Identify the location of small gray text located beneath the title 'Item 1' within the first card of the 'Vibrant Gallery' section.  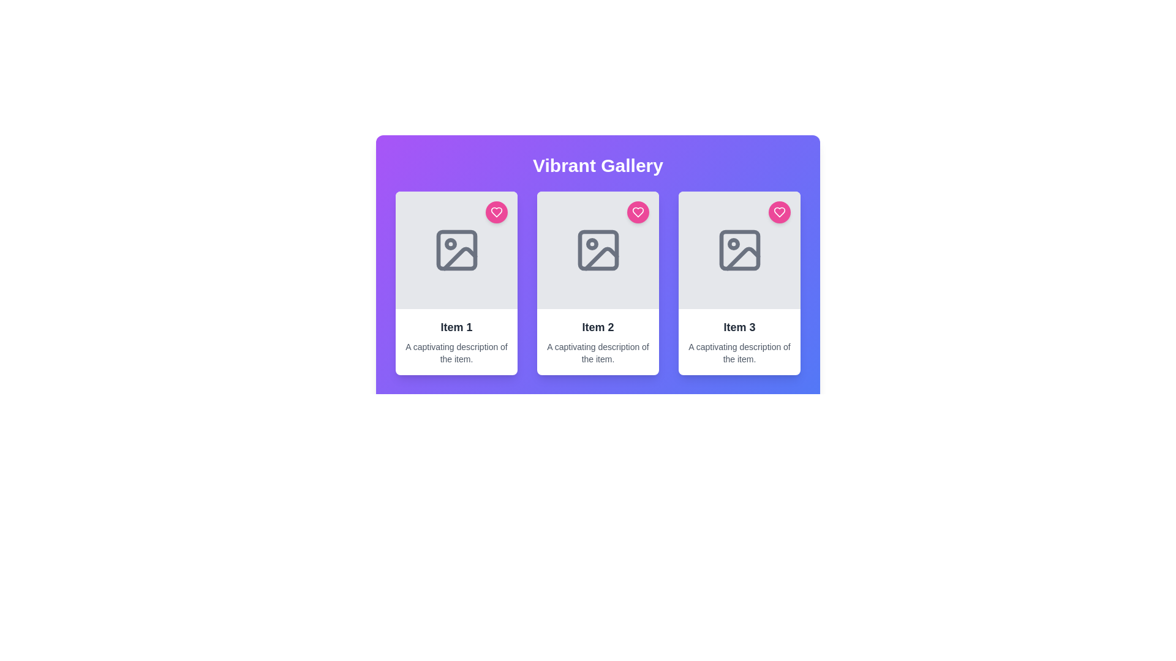
(456, 353).